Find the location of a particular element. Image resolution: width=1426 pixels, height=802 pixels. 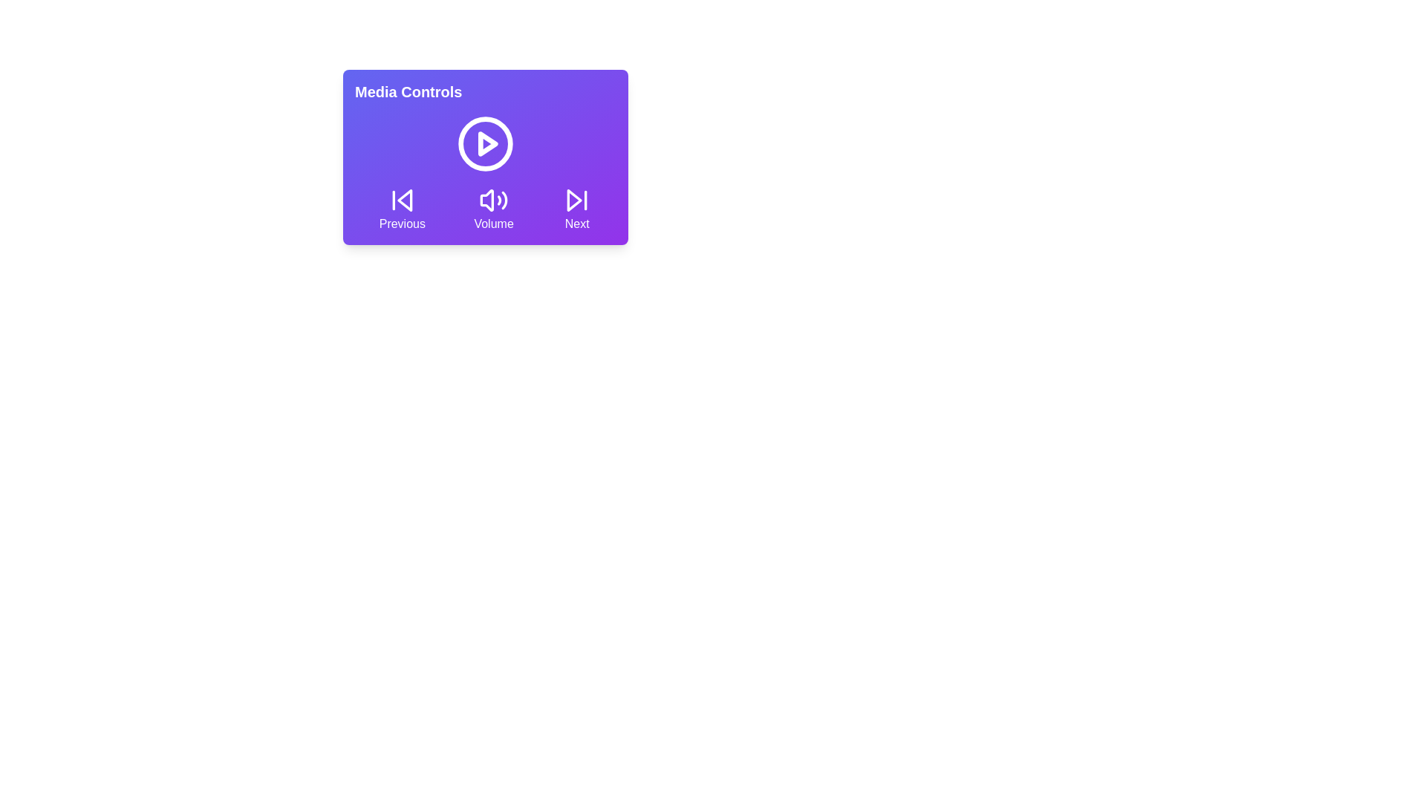

the Volume button to view its hover effect is located at coordinates (494, 209).